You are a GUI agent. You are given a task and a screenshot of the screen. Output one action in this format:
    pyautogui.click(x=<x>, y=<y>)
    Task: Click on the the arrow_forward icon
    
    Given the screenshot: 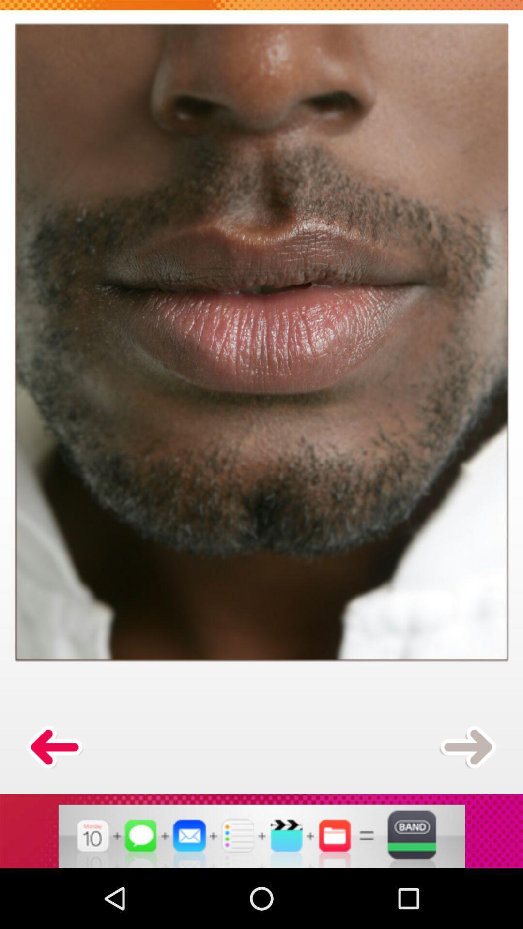 What is the action you would take?
    pyautogui.click(x=469, y=799)
    